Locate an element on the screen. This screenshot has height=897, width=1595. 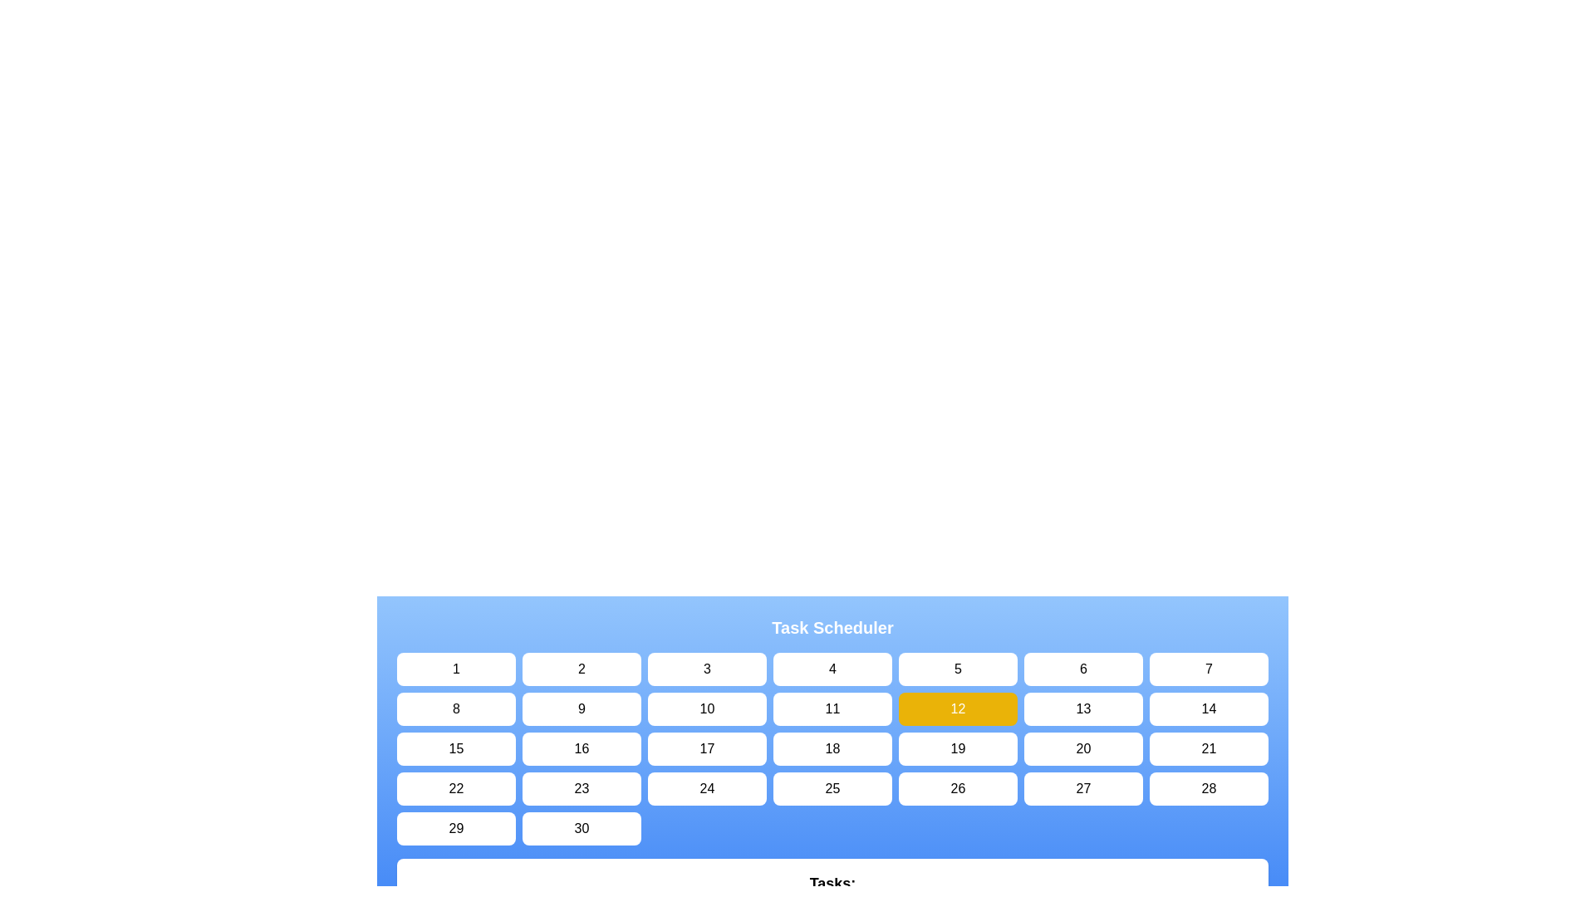
the button for selecting the number '3' in the Task Scheduler grid layout, located in the first row and third column is located at coordinates (707, 669).